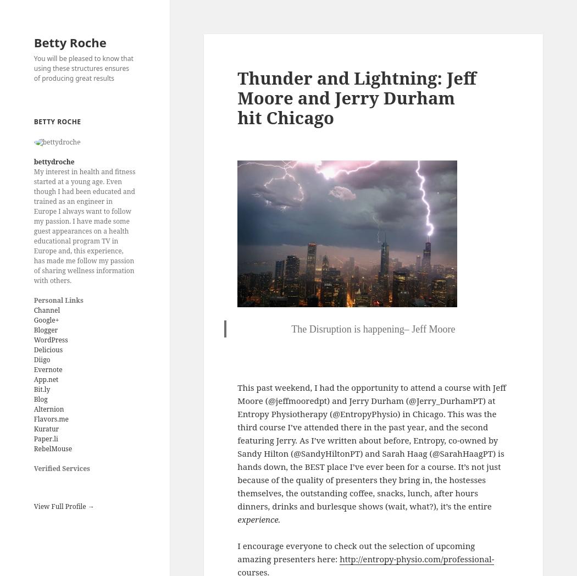 The width and height of the screenshot is (577, 576). I want to click on 'Diigo', so click(42, 359).